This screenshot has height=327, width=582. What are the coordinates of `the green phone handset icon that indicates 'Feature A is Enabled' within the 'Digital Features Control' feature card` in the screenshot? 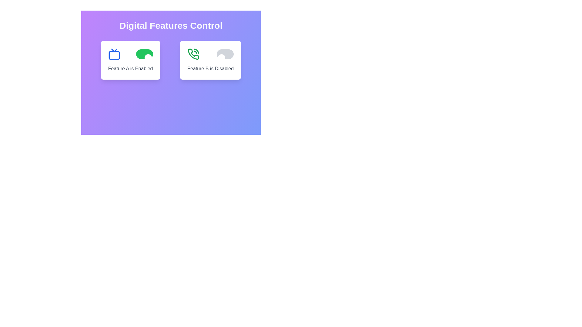 It's located at (193, 54).